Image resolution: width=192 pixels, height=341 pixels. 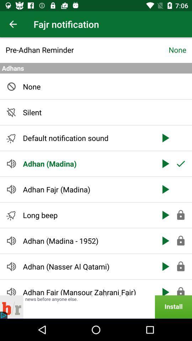 What do you see at coordinates (13, 24) in the screenshot?
I see `the icon above pre-adhan reminder` at bounding box center [13, 24].